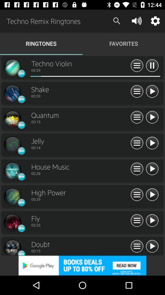 Image resolution: width=165 pixels, height=295 pixels. Describe the element at coordinates (152, 221) in the screenshot. I see `'fly ringtone` at that location.